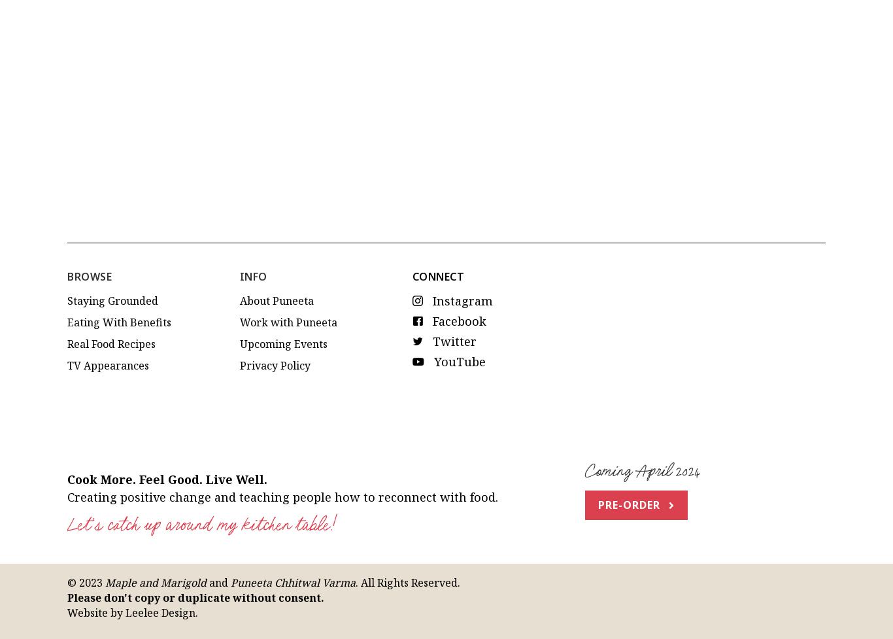  What do you see at coordinates (407, 474) in the screenshot?
I see `'. All Rights Reserved.'` at bounding box center [407, 474].